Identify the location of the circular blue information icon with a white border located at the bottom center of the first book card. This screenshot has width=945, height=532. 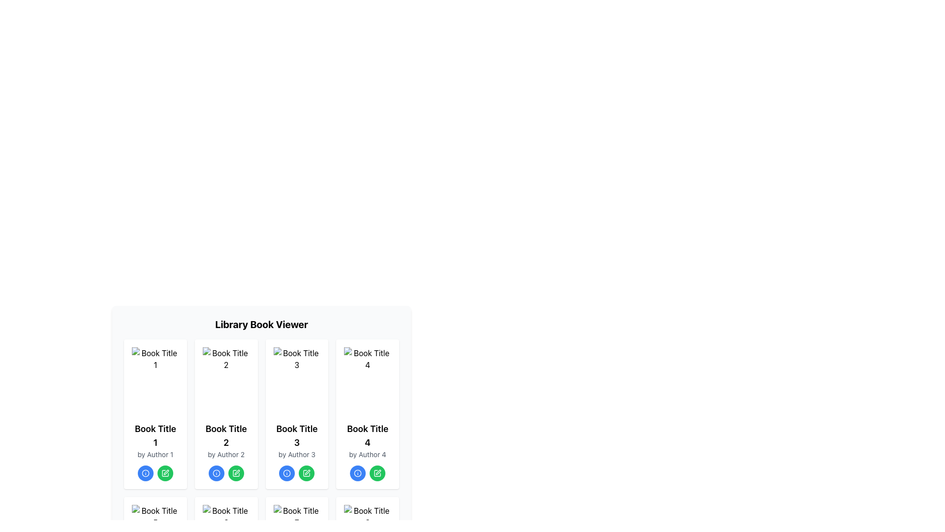
(145, 472).